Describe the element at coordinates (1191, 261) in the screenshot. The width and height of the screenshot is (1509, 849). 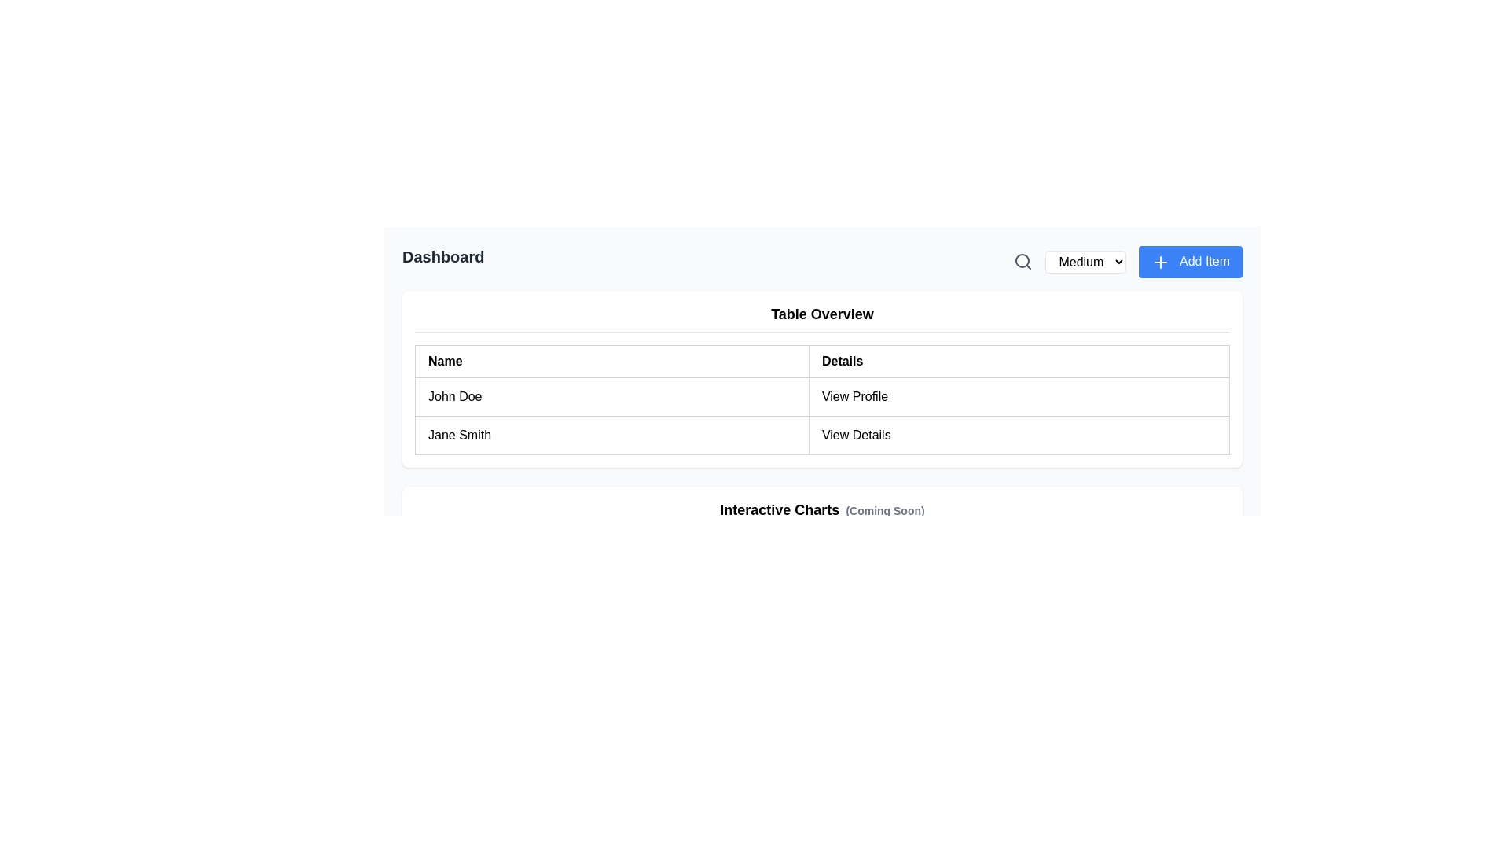
I see `the 'Add Item' button, which has a blue background, white text, and a plus sign icon on the left side` at that location.